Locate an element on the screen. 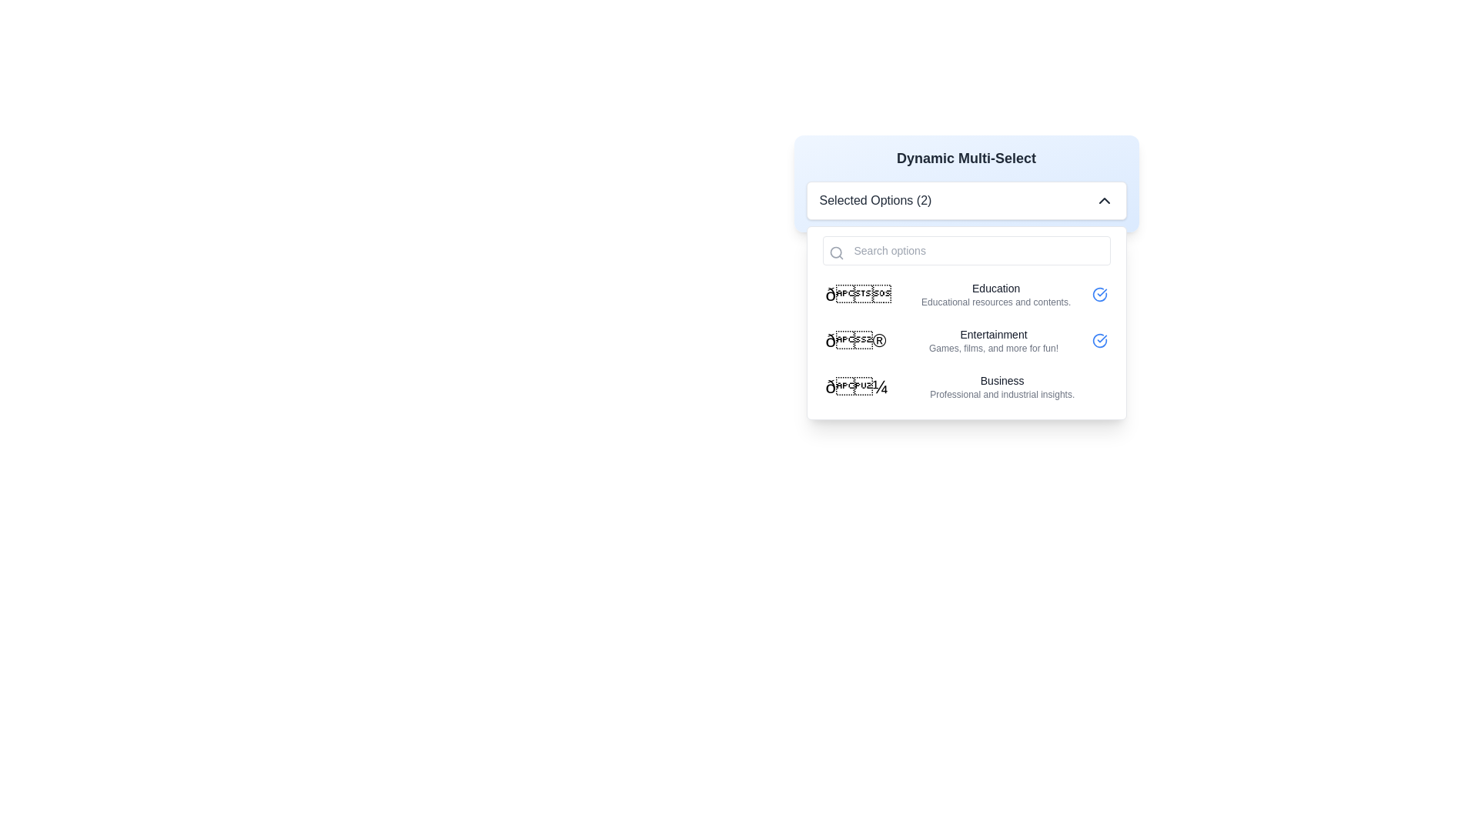 The height and width of the screenshot is (831, 1478). the static text label displaying 'Education', which is styled in bold, medium size, and dark gray color, located at the top of the dropdown pane labeled 'Dynamic Multi-Select' is located at coordinates (996, 288).